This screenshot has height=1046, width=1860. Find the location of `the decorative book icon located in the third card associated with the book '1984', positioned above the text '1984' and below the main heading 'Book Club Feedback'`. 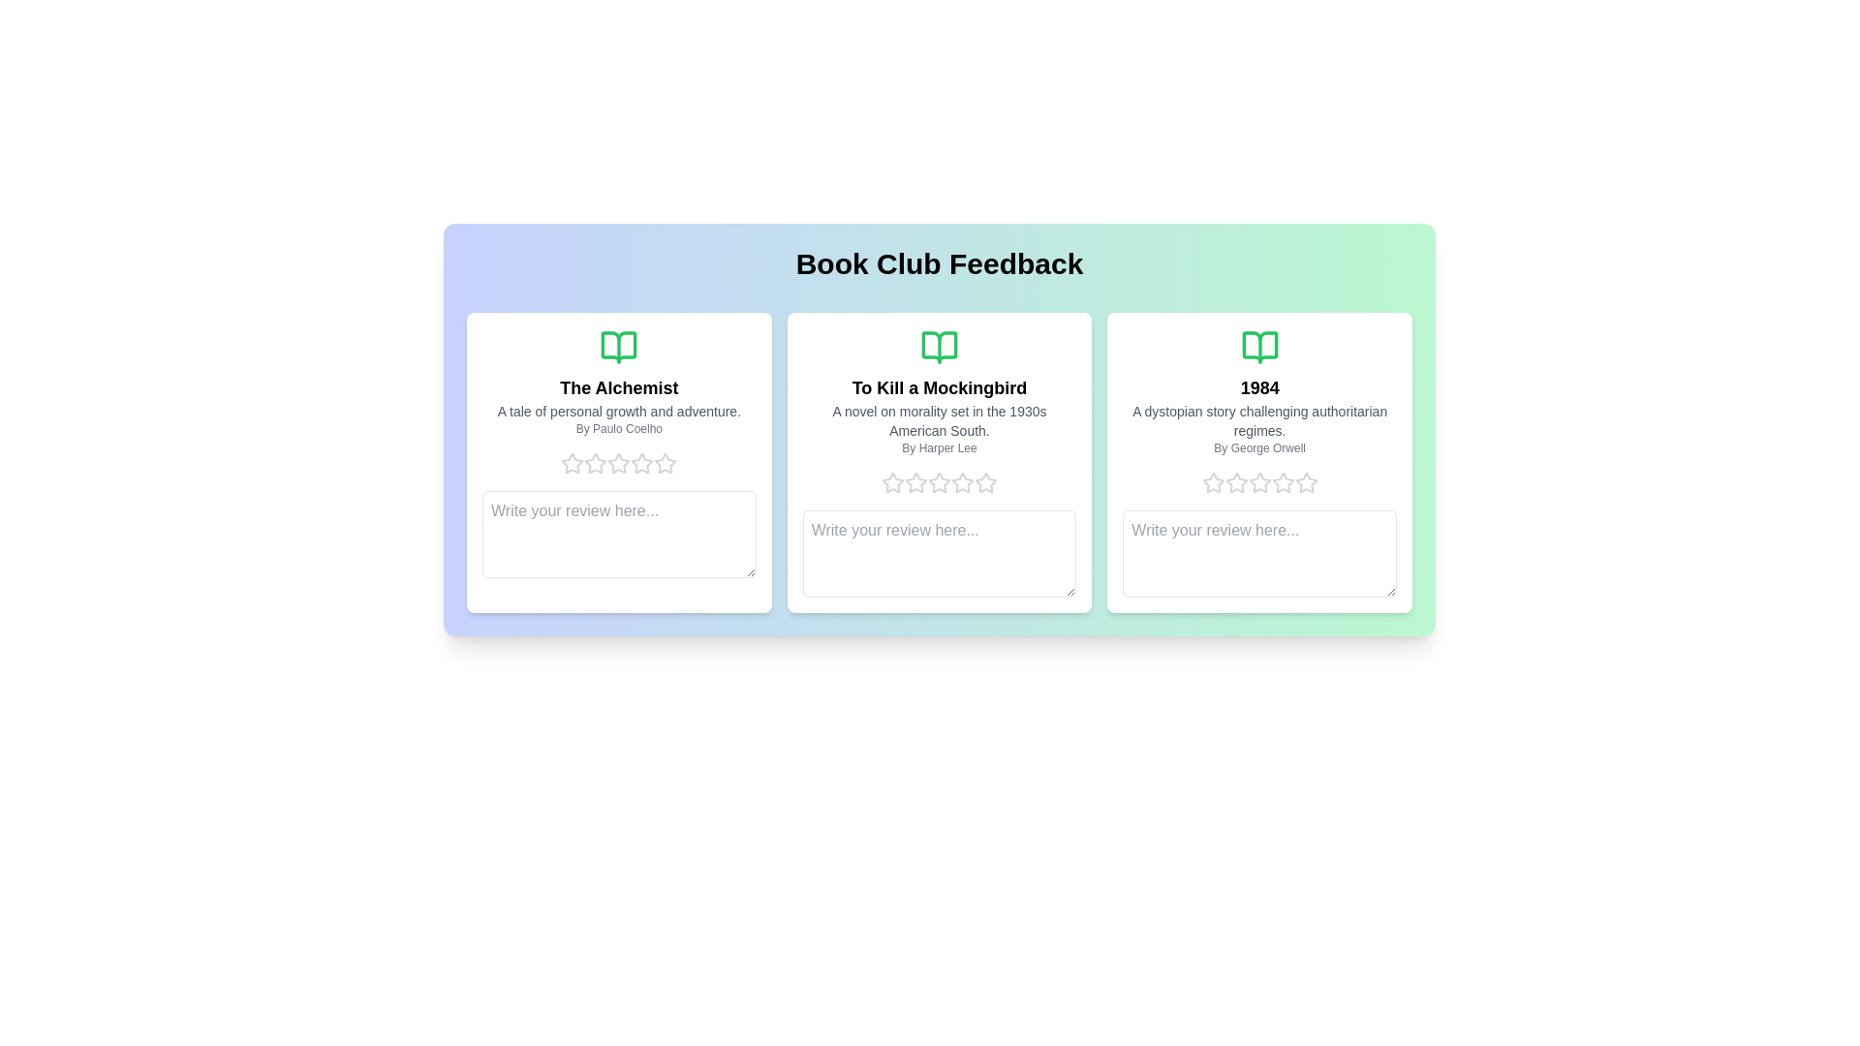

the decorative book icon located in the third card associated with the book '1984', positioned above the text '1984' and below the main heading 'Book Club Feedback' is located at coordinates (1259, 346).